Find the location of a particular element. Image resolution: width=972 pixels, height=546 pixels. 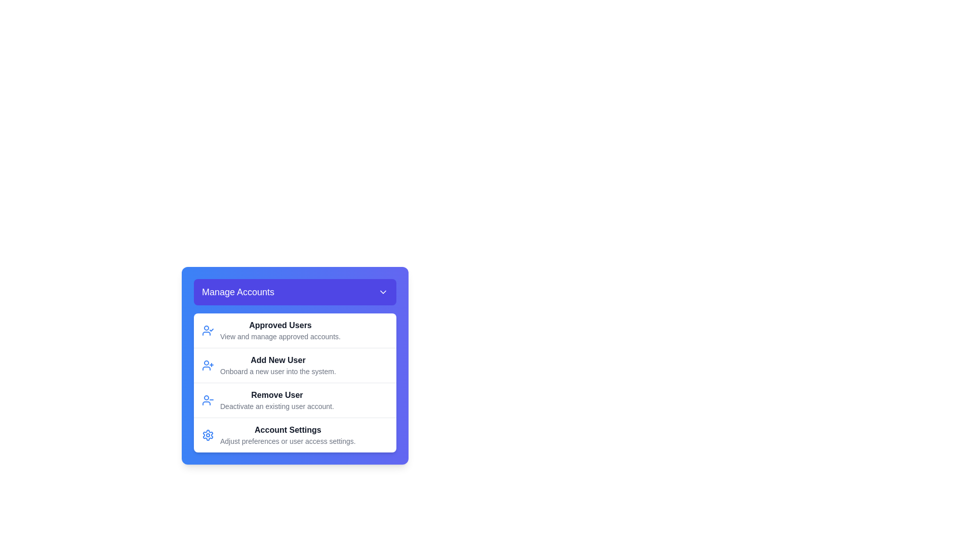

the static text label that serves as a contextual information label for removing a user from the system, located in the middle-right region of the 'Manage Accounts' panel as the third item in the vertical list is located at coordinates (277, 395).